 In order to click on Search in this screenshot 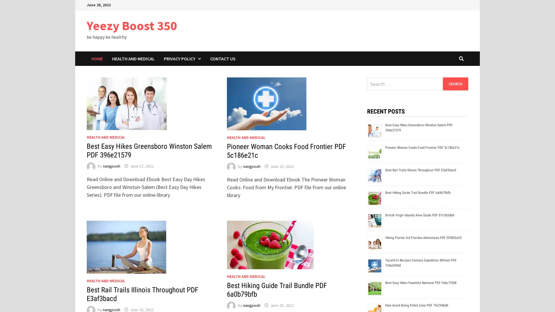, I will do `click(455, 83)`.